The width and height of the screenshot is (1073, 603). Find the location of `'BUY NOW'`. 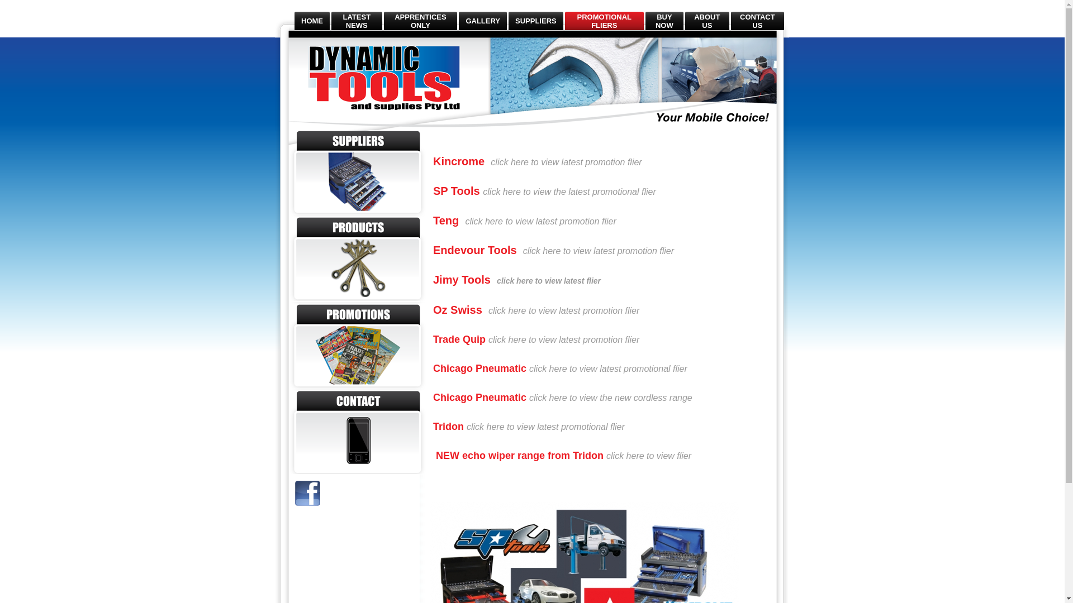

'BUY NOW' is located at coordinates (664, 21).